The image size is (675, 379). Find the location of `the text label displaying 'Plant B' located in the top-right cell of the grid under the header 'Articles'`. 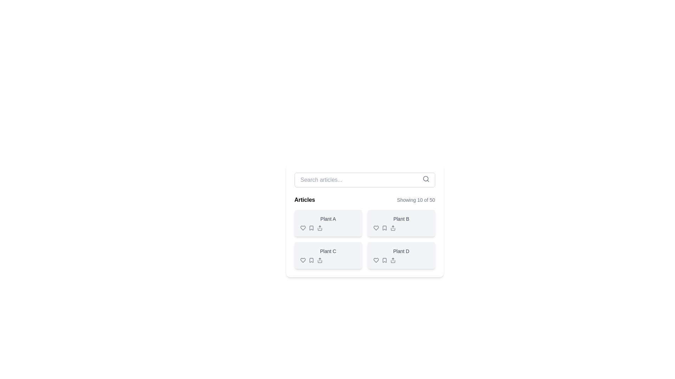

the text label displaying 'Plant B' located in the top-right cell of the grid under the header 'Articles' is located at coordinates (401, 219).